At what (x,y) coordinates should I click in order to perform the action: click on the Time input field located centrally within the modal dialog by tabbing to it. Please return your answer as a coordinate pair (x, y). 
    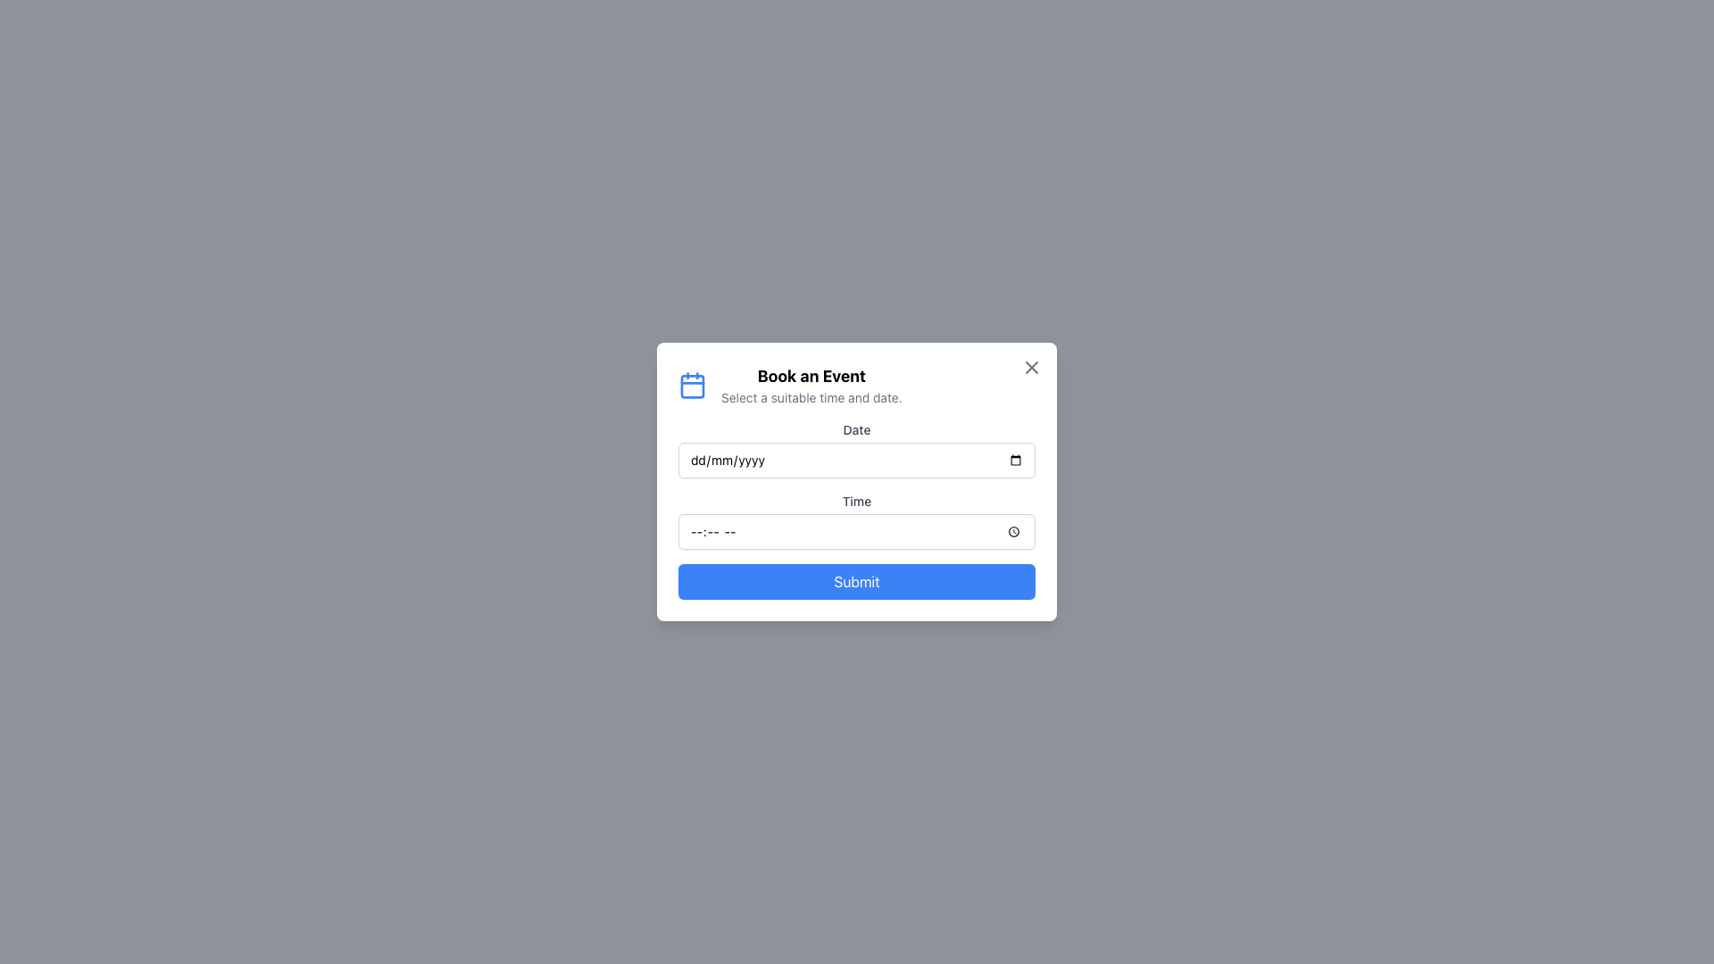
    Looking at the image, I should click on (857, 531).